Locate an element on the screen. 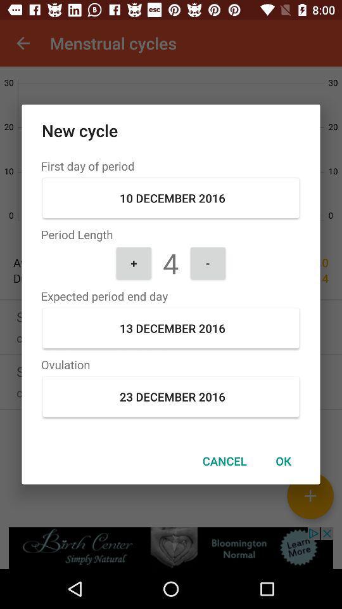  the item below period length item is located at coordinates (133, 262).